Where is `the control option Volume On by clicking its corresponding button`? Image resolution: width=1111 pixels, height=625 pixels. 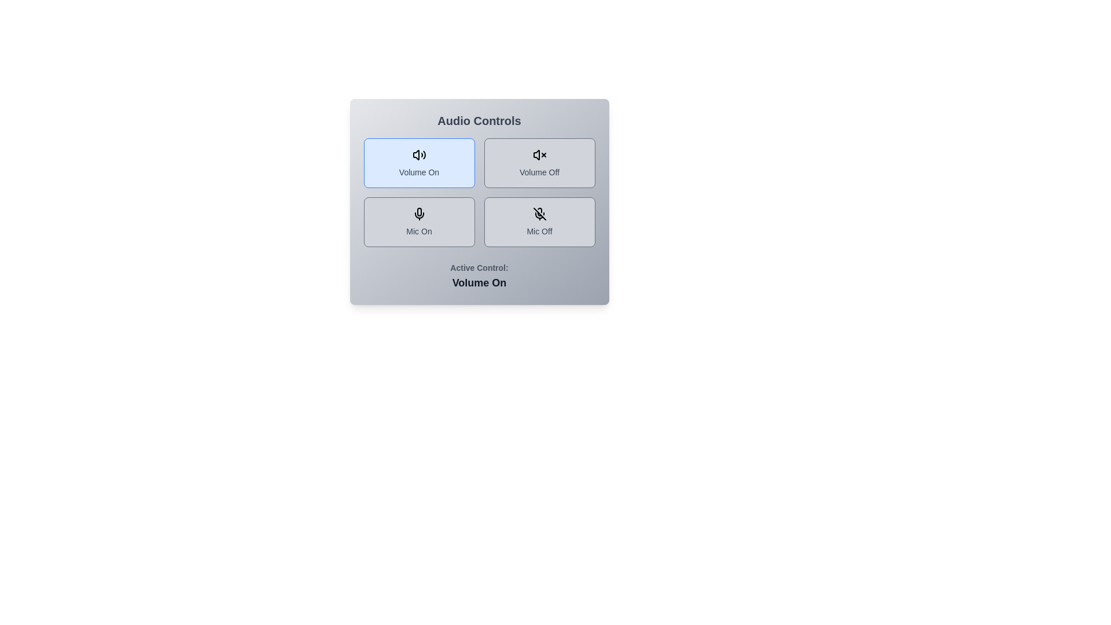 the control option Volume On by clicking its corresponding button is located at coordinates (418, 163).